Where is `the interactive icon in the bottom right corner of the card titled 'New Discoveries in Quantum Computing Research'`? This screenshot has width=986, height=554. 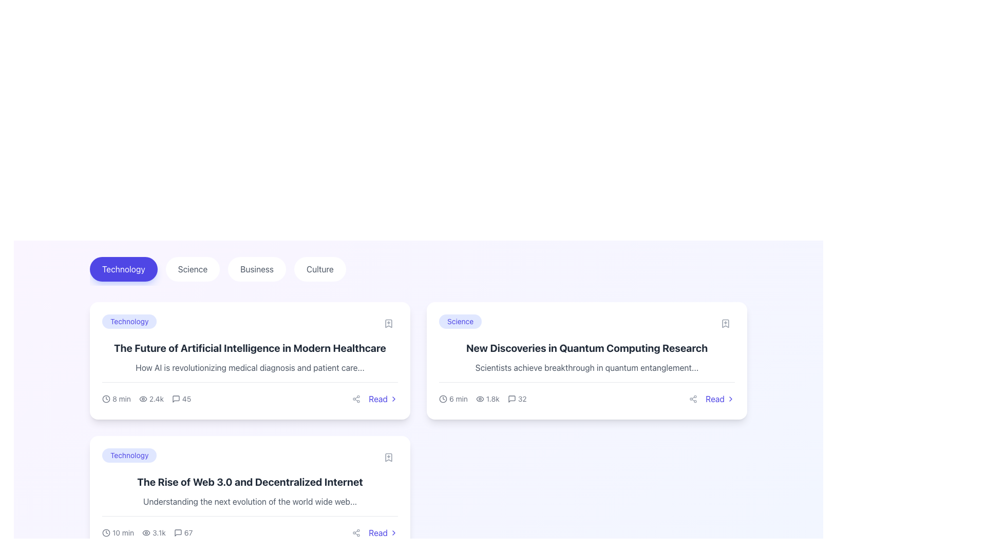 the interactive icon in the bottom right corner of the card titled 'New Discoveries in Quantum Computing Research' is located at coordinates (511, 399).